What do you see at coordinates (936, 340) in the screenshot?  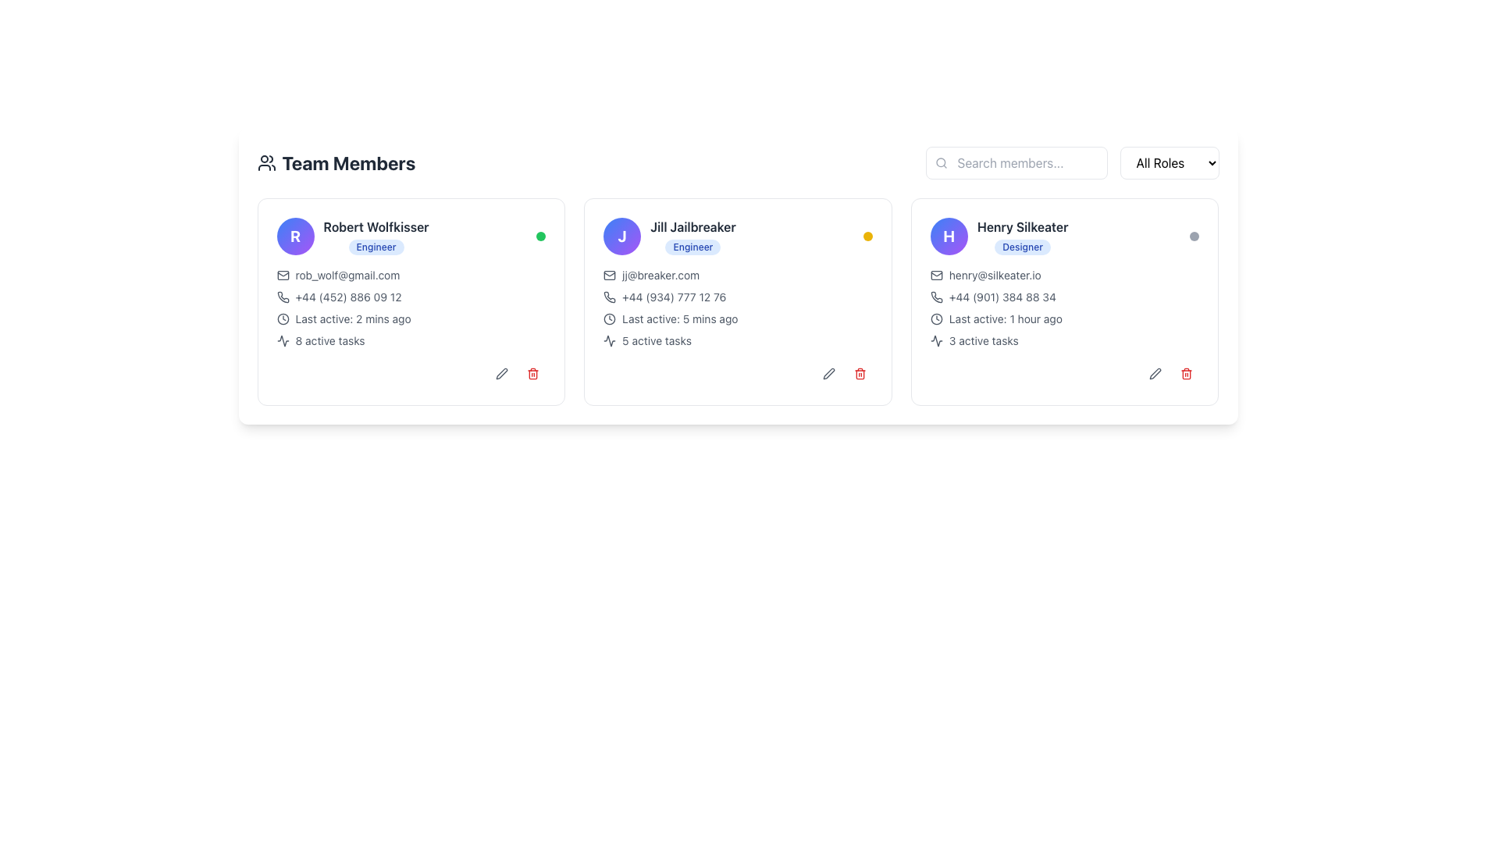 I see `SVG Graphic Icon representing activity or analytics, located at the bottom of the third user profile card, to the left of the trash bin icon` at bounding box center [936, 340].